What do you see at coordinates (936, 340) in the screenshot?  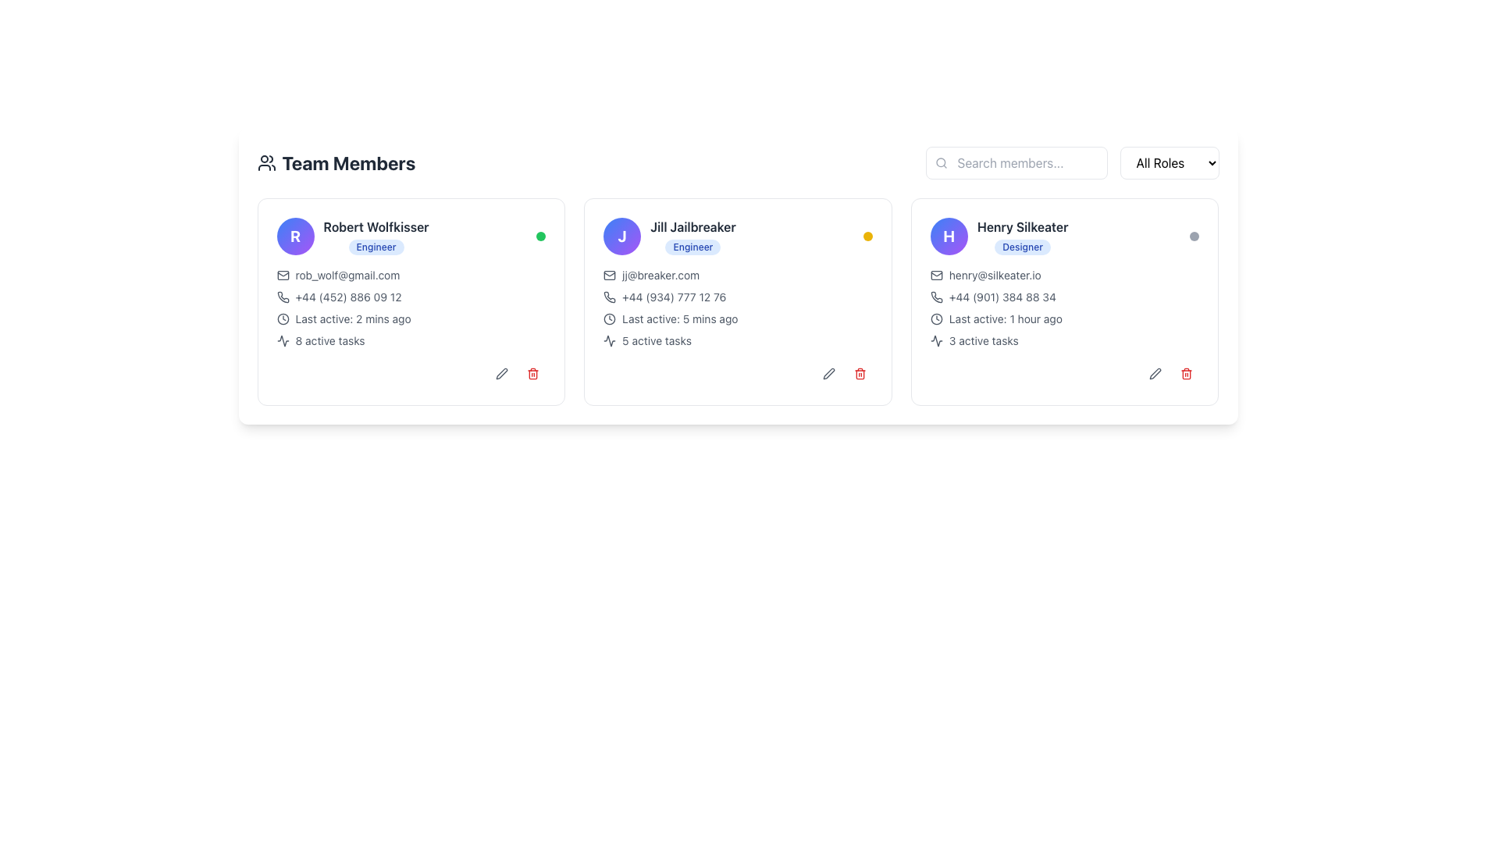 I see `SVG Graphic Icon representing activity or analytics, located at the bottom of the third user profile card, to the left of the trash bin icon` at bounding box center [936, 340].